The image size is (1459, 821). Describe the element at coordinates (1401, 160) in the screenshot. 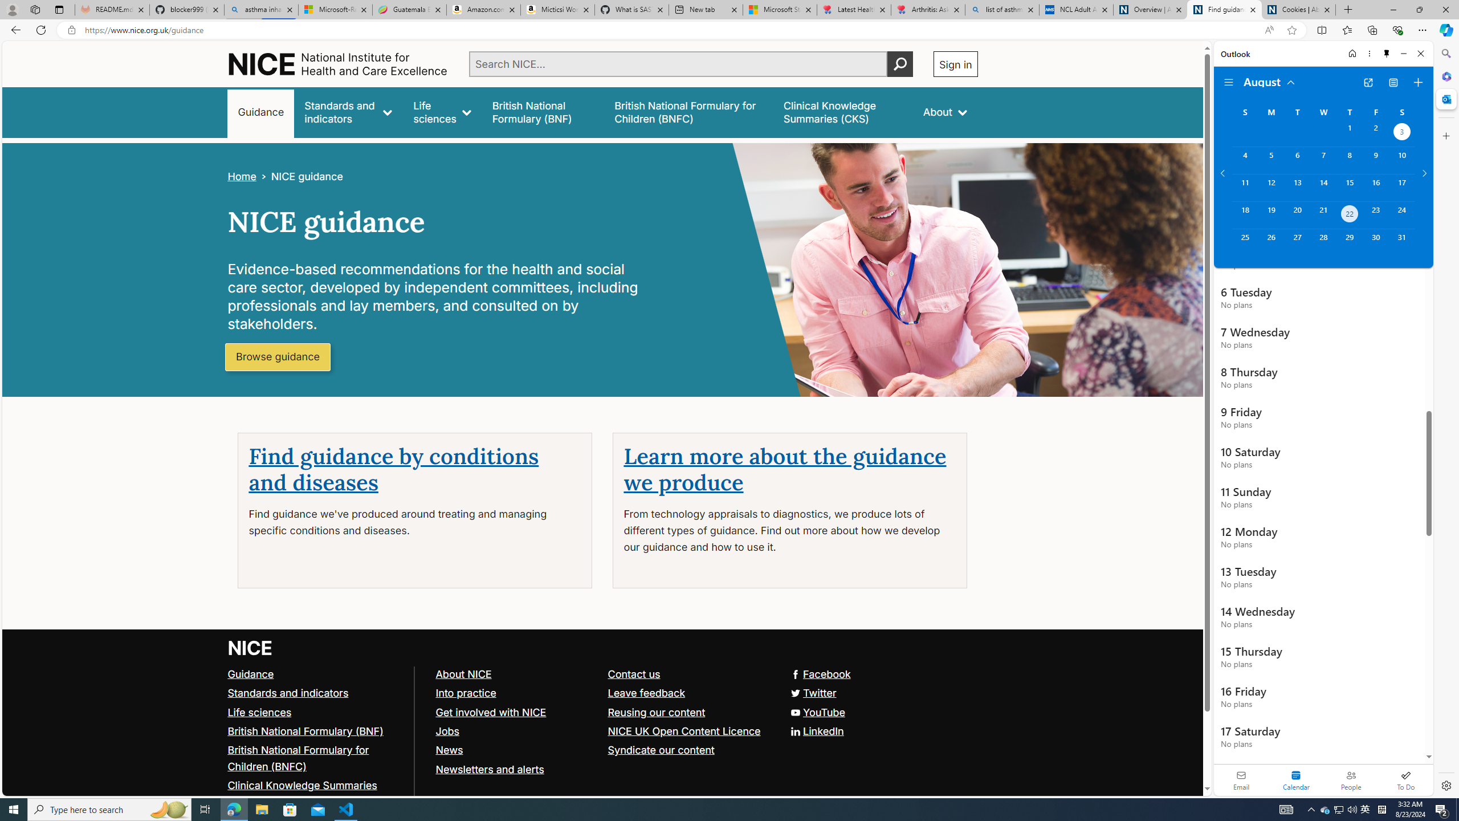

I see `'Saturday, August 10, 2024. '` at that location.